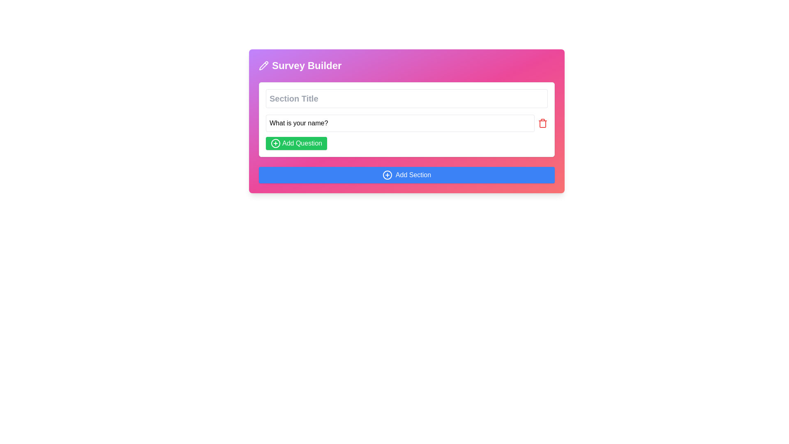 Image resolution: width=789 pixels, height=444 pixels. I want to click on the red trash can icon button located to the right of the input field labeled 'What is your name?' to initiate the delete action, so click(542, 123).